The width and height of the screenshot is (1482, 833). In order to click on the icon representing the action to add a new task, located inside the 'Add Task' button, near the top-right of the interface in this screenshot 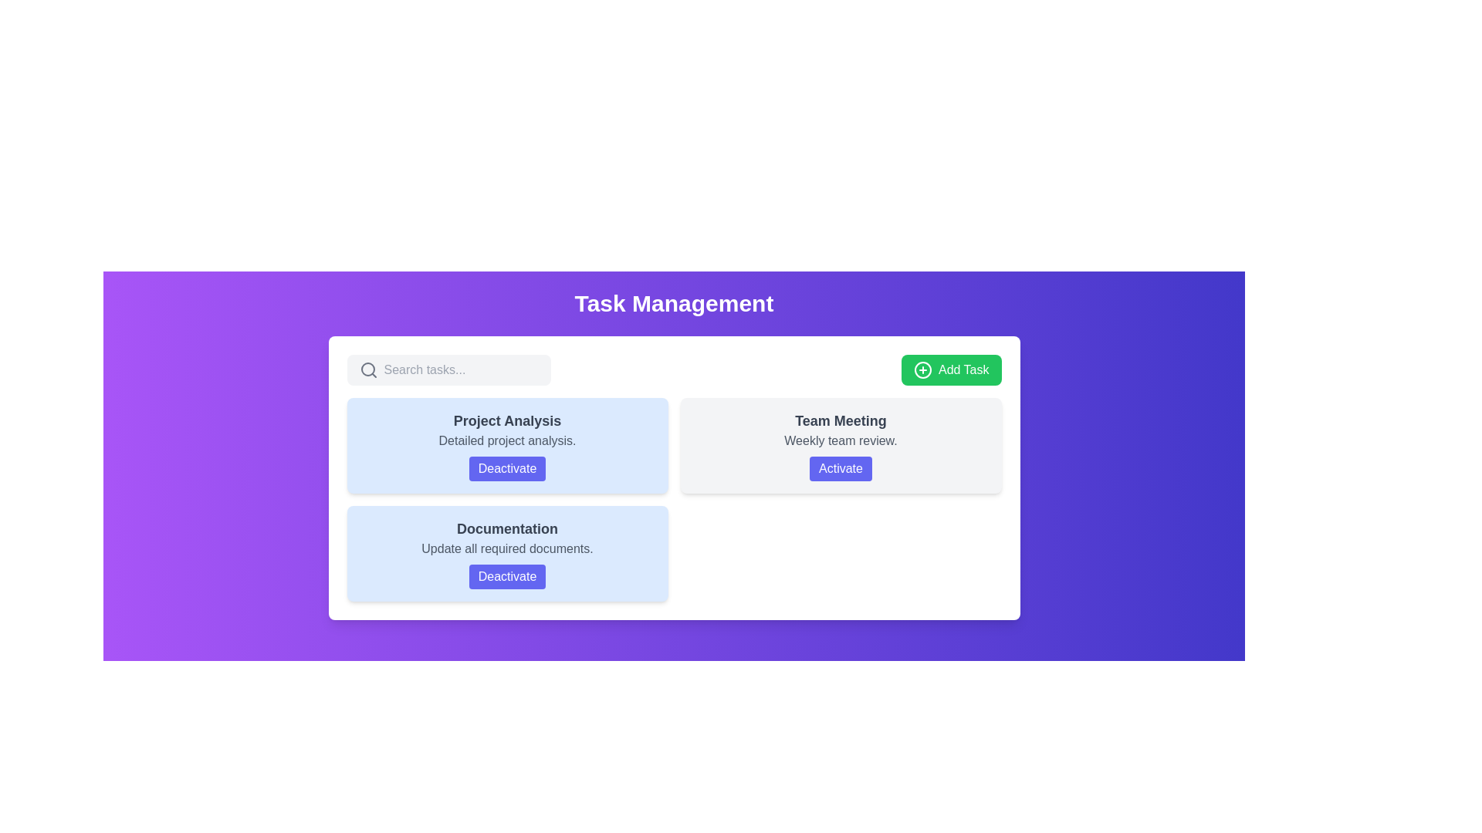, I will do `click(922, 369)`.